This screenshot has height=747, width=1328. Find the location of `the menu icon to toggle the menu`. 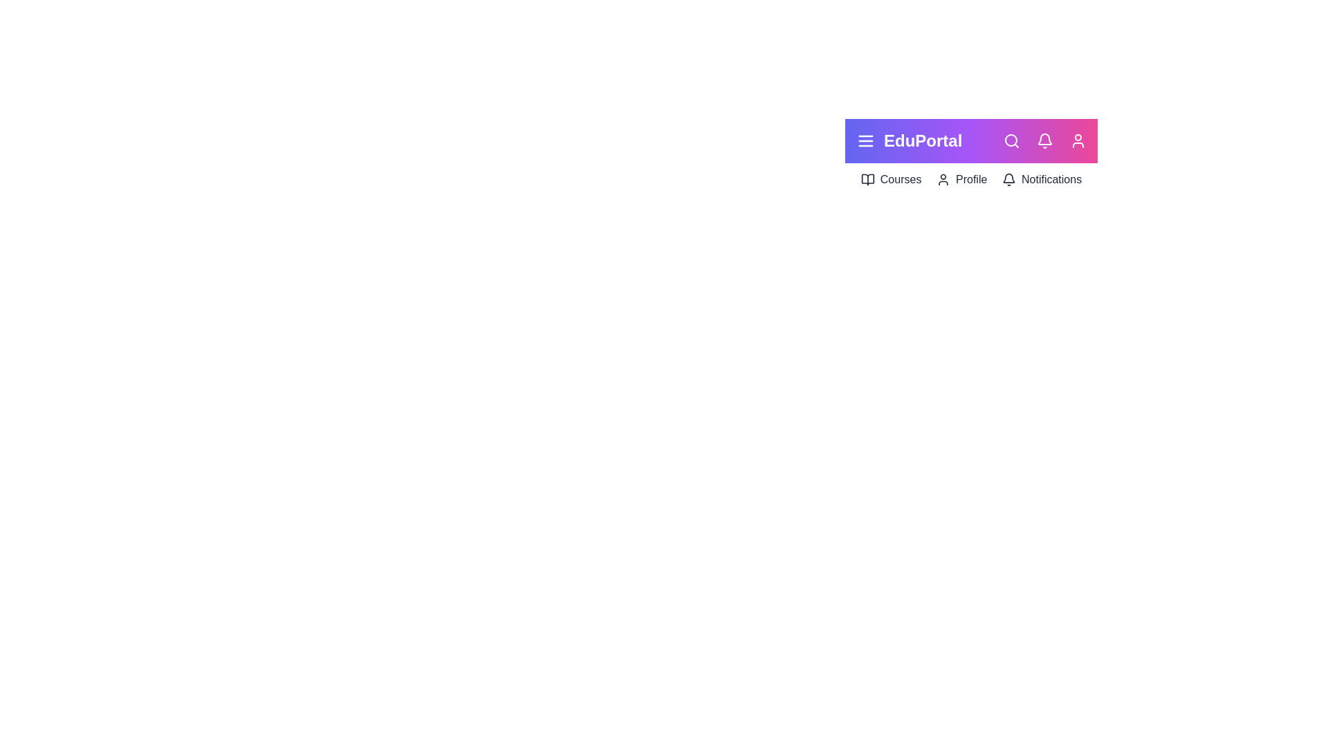

the menu icon to toggle the menu is located at coordinates (865, 141).